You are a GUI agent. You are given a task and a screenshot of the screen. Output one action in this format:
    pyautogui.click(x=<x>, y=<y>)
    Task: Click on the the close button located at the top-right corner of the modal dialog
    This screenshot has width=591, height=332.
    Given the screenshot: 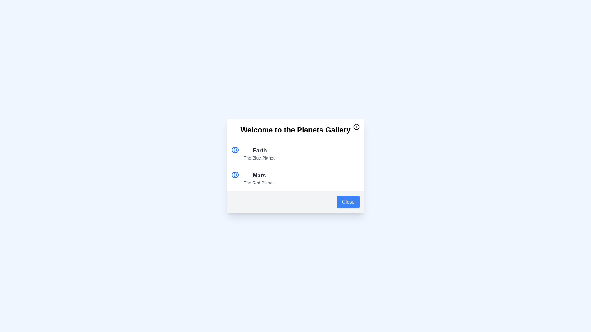 What is the action you would take?
    pyautogui.click(x=356, y=126)
    